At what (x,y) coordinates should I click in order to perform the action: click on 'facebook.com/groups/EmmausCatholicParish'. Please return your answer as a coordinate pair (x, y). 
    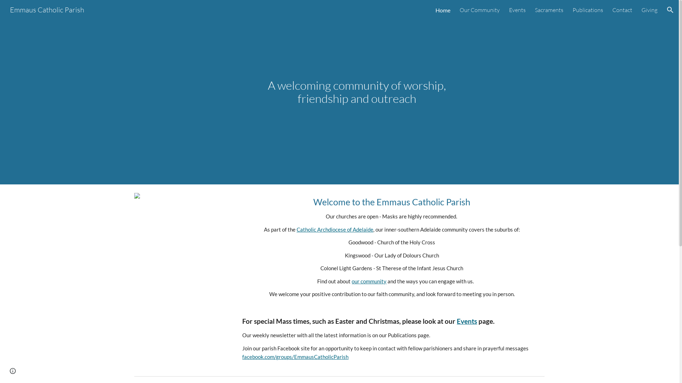
    Looking at the image, I should click on (295, 357).